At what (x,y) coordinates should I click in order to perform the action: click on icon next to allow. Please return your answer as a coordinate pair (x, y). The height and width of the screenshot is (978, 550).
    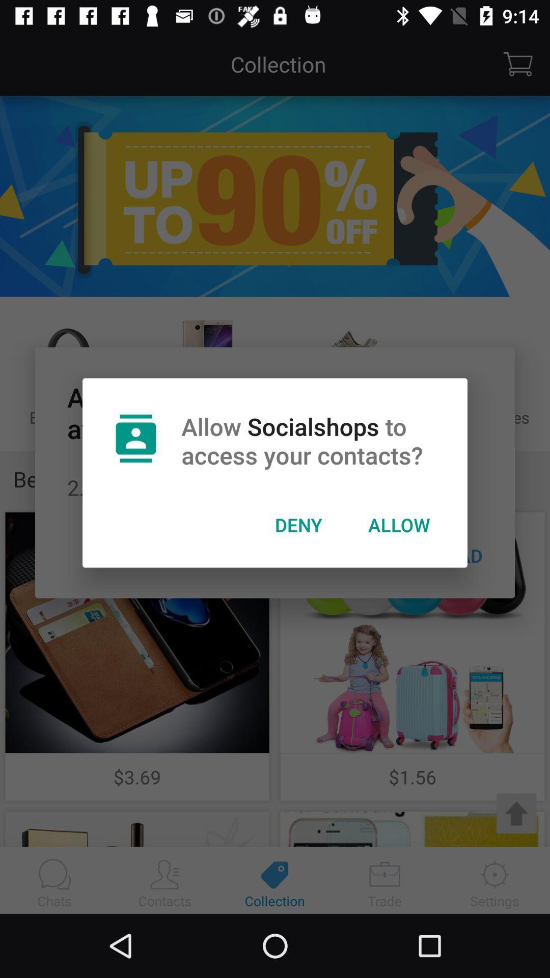
    Looking at the image, I should click on (298, 525).